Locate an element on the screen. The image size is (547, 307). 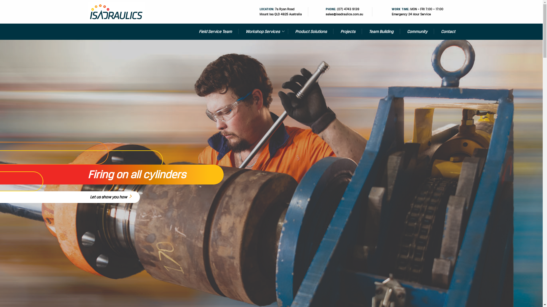
'Community' is located at coordinates (417, 32).